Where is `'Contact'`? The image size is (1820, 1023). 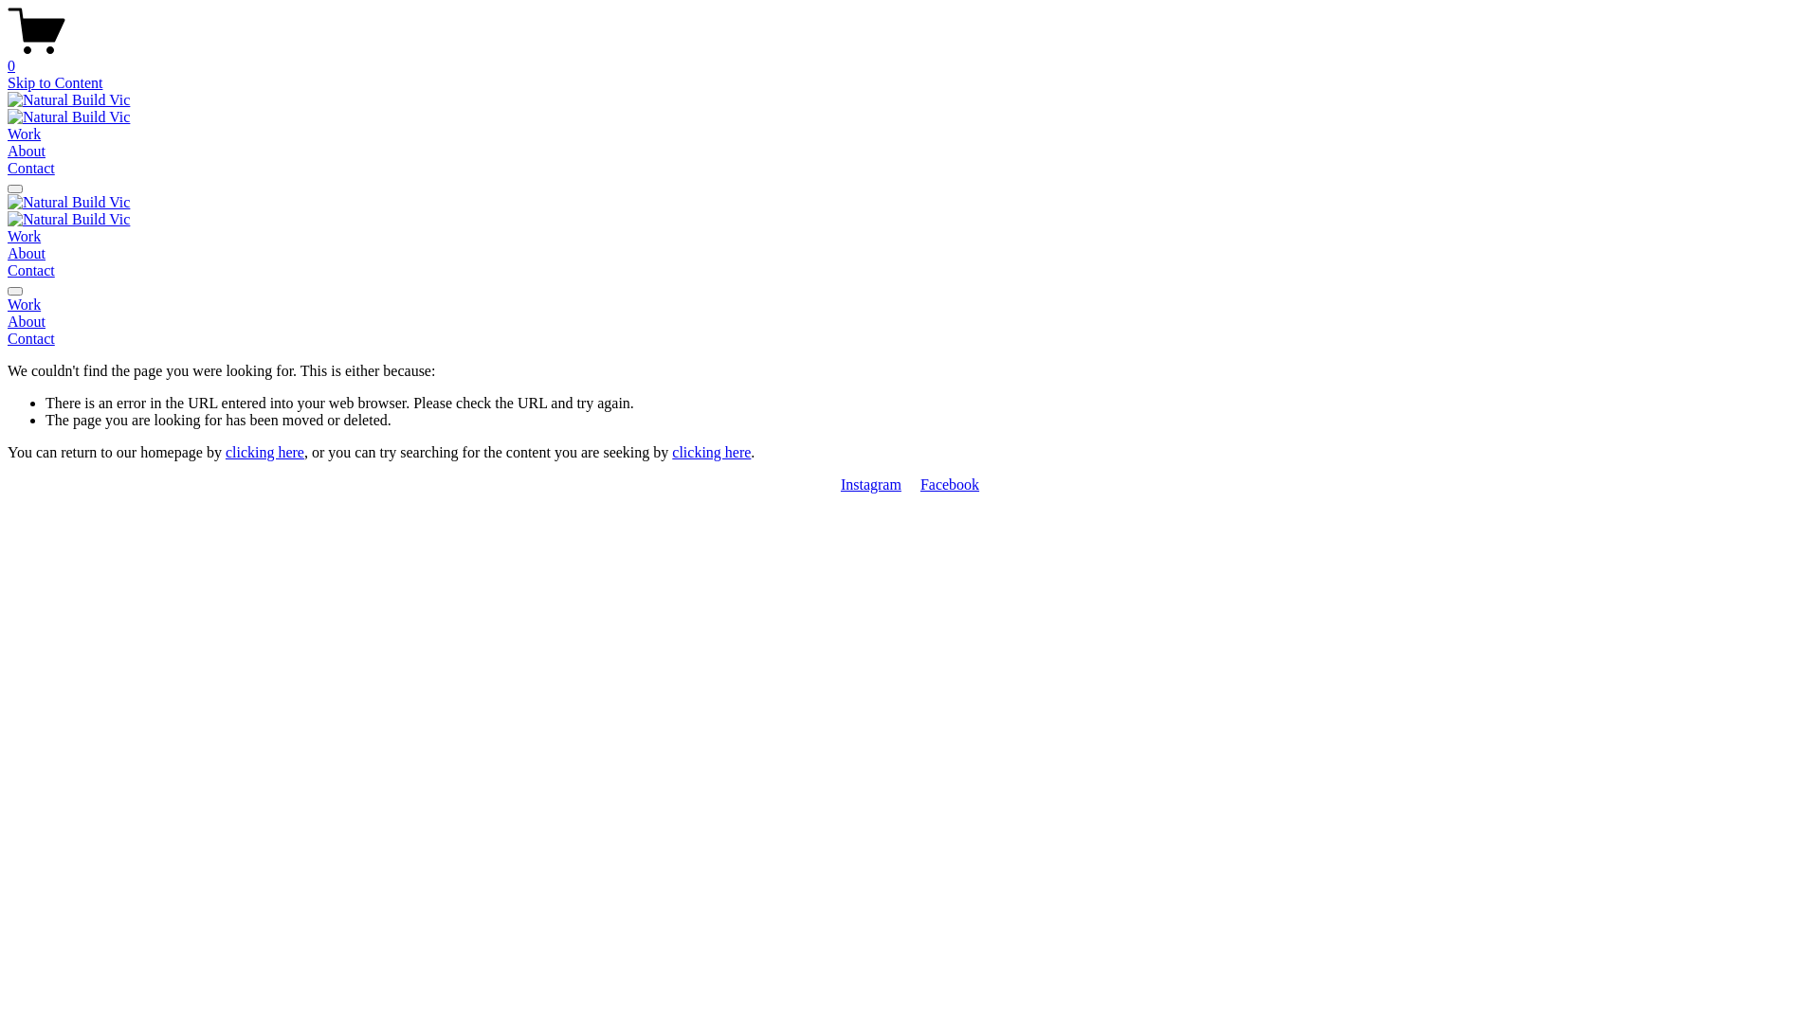
'Contact' is located at coordinates (31, 270).